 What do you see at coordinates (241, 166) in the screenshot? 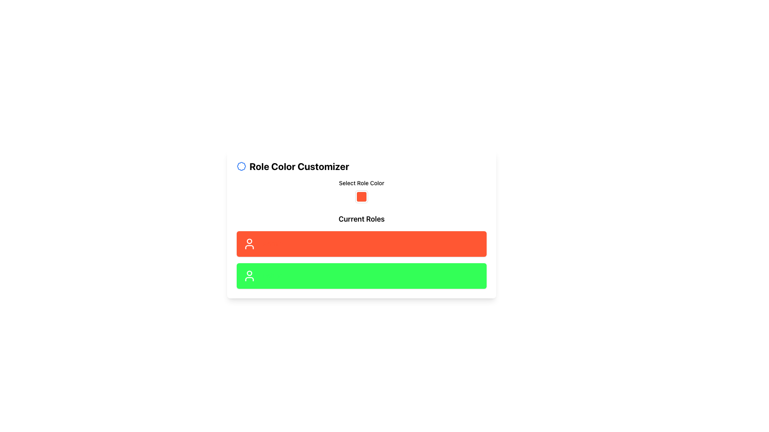
I see `the decorative badge icon representing the customization tool located in the header section of the 'Role Color Customizer' interface, positioned to the left of the text 'Role Color Customizer'` at bounding box center [241, 166].